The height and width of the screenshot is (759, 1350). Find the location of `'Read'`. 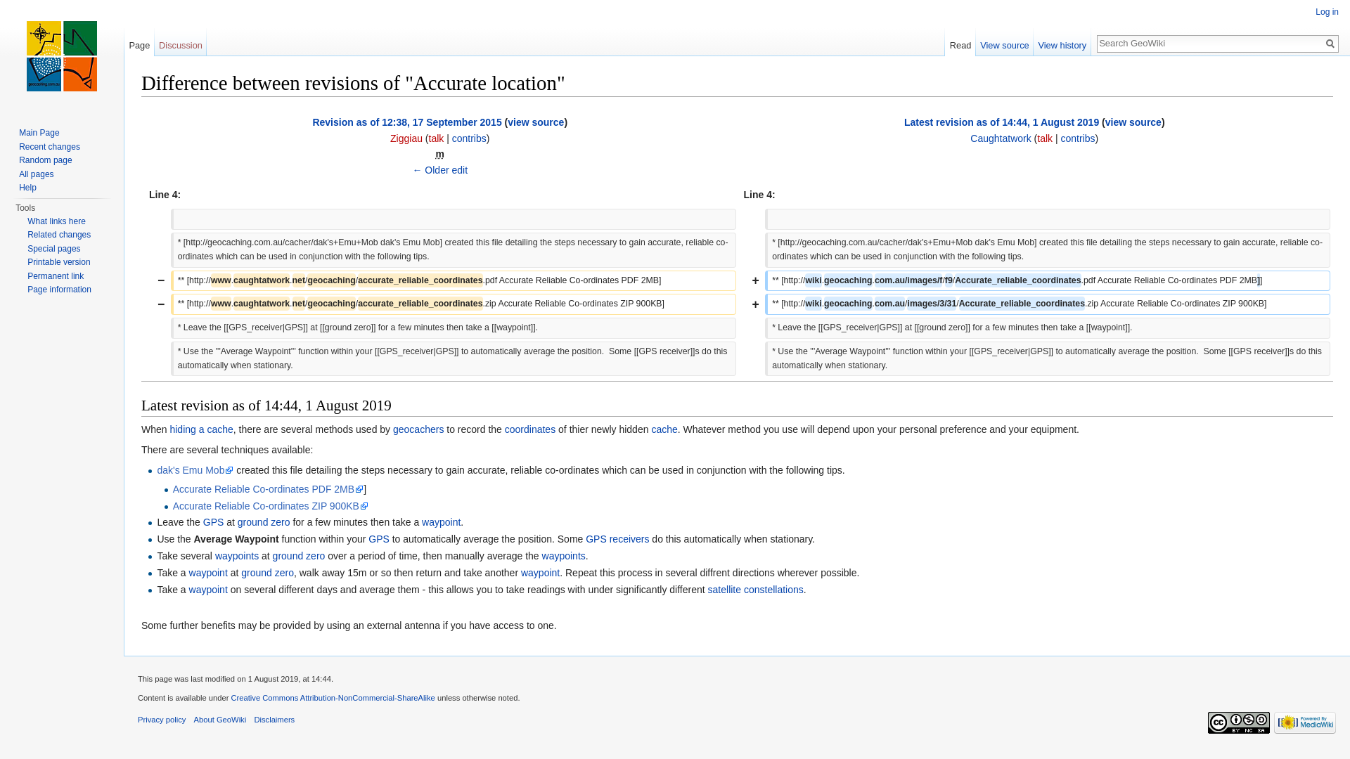

'Read' is located at coordinates (959, 41).